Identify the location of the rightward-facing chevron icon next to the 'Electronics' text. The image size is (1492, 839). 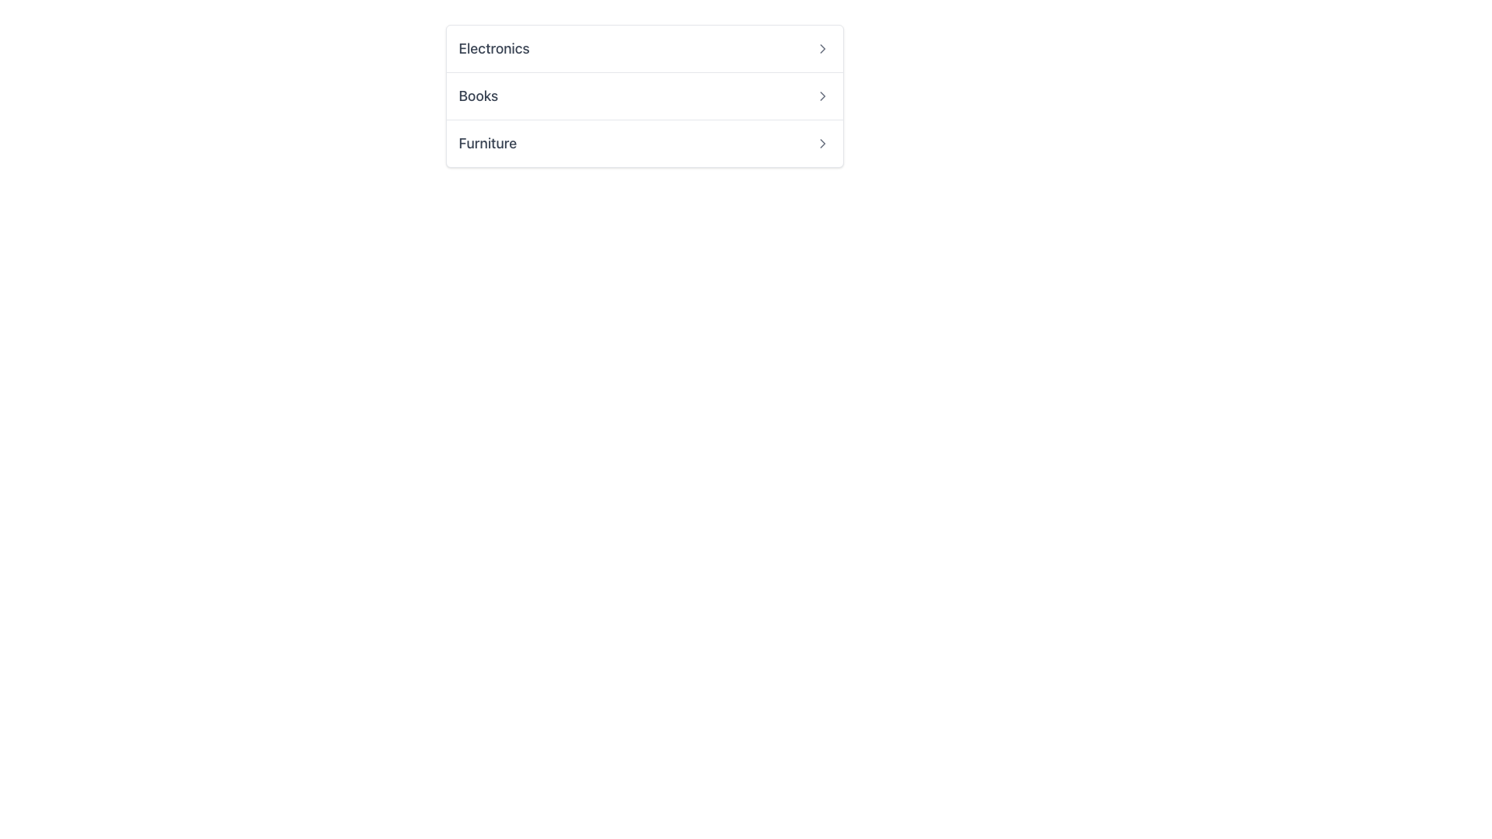
(821, 47).